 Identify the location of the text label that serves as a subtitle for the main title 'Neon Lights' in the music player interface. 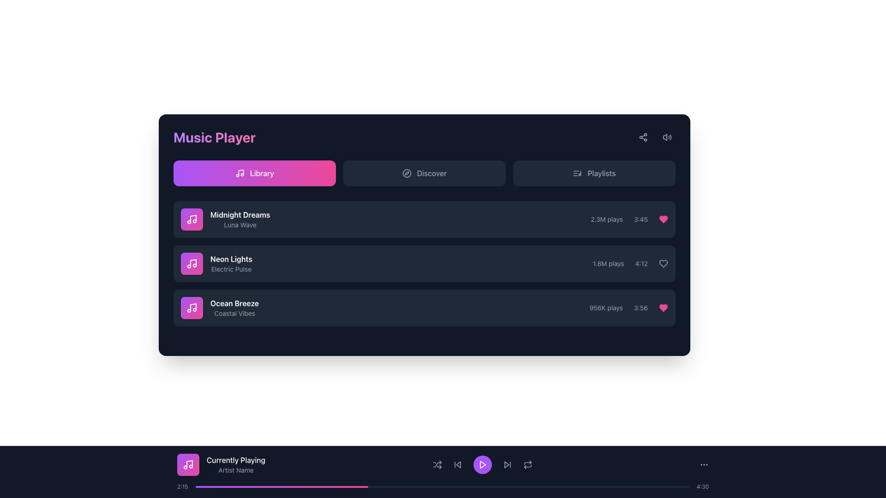
(231, 269).